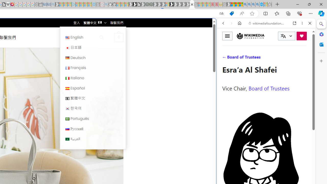  Describe the element at coordinates (269, 88) in the screenshot. I see `'Board of Trustees'` at that location.